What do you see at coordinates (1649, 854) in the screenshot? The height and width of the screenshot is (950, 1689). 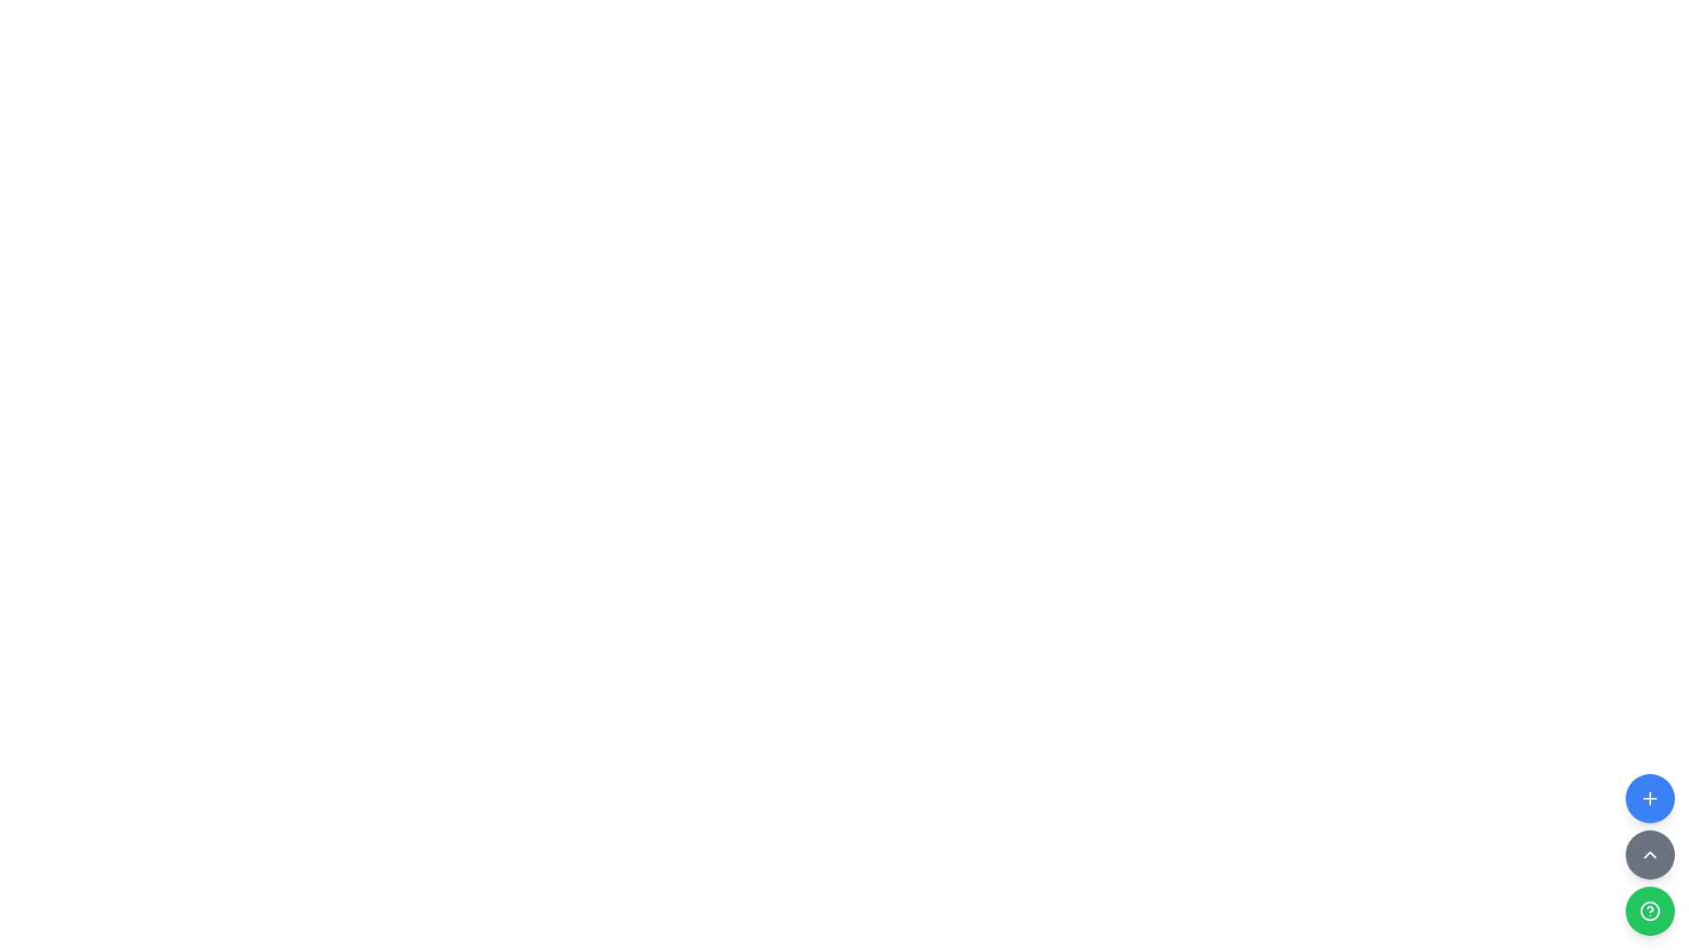 I see `the second button in a vertical sequence of three buttons located at the bottom-right corner of the UI, positioned between a blue button with a '+' symbol above and a green button with a '?' symbol below` at bounding box center [1649, 854].